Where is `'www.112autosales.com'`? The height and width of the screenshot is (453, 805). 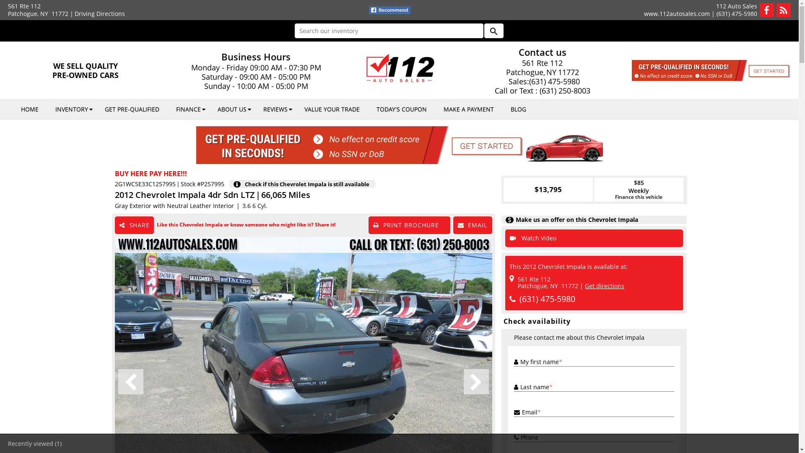 'www.112autosales.com' is located at coordinates (677, 13).